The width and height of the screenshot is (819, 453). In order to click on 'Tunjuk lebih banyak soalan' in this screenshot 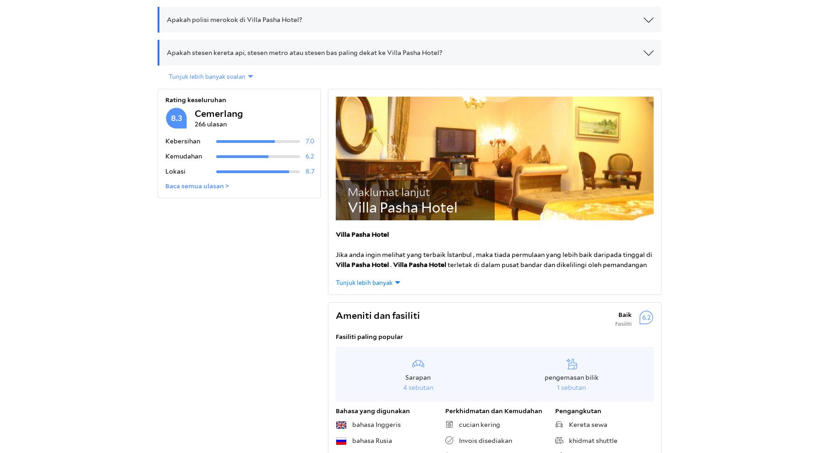, I will do `click(207, 76)`.